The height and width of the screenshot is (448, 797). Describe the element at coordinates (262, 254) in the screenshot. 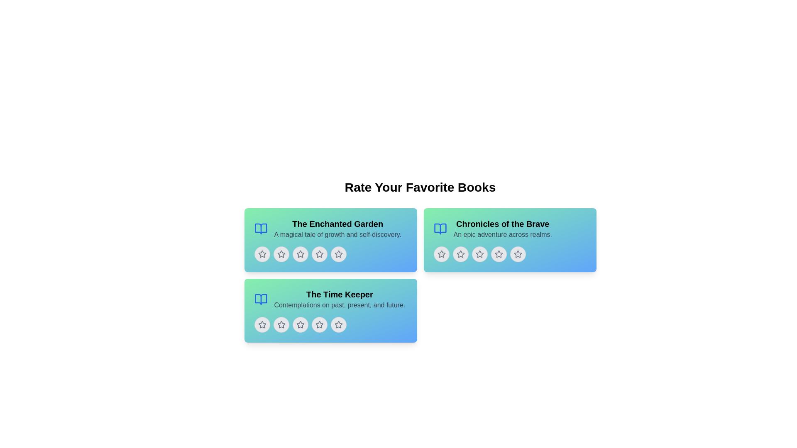

I see `the first rating star button for the book 'The Enchanted Garden'` at that location.